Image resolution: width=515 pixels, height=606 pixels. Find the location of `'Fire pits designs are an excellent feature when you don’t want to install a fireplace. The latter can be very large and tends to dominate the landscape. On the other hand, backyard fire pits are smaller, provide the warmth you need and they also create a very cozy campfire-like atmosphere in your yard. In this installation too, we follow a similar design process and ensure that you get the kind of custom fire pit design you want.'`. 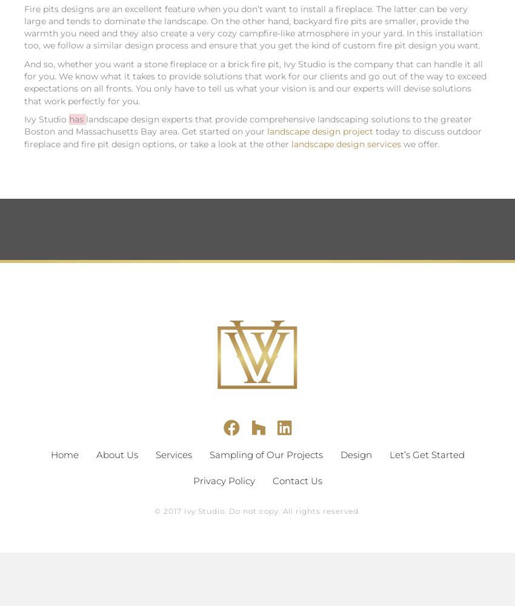

'Fire pits designs are an excellent feature when you don’t want to install a fireplace. The latter can be very large and tends to dominate the landscape. On the other hand, backyard fire pits are smaller, provide the warmth you need and they also create a very cozy campfire-like atmosphere in your yard. In this installation too, we follow a similar design process and ensure that you get the kind of custom fire pit design you want.' is located at coordinates (253, 27).